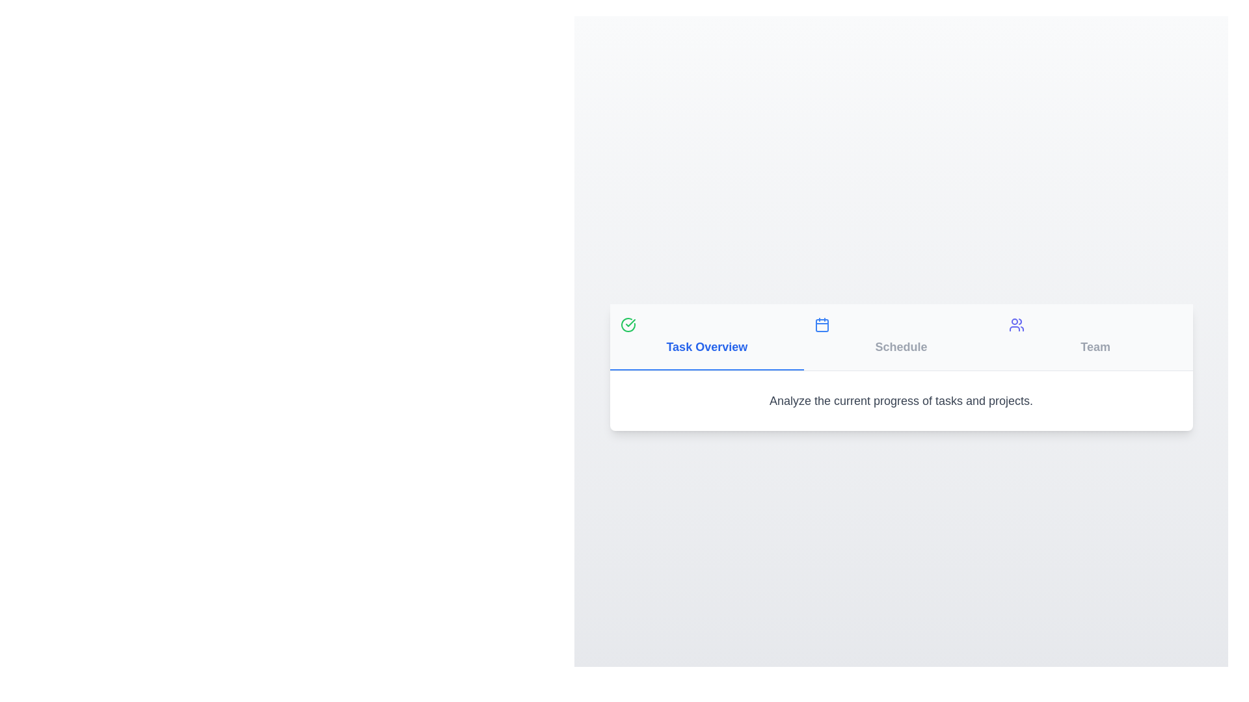 The width and height of the screenshot is (1249, 702). What do you see at coordinates (1015, 324) in the screenshot?
I see `the icon of the tab labeled 'Team' to inspect it visually` at bounding box center [1015, 324].